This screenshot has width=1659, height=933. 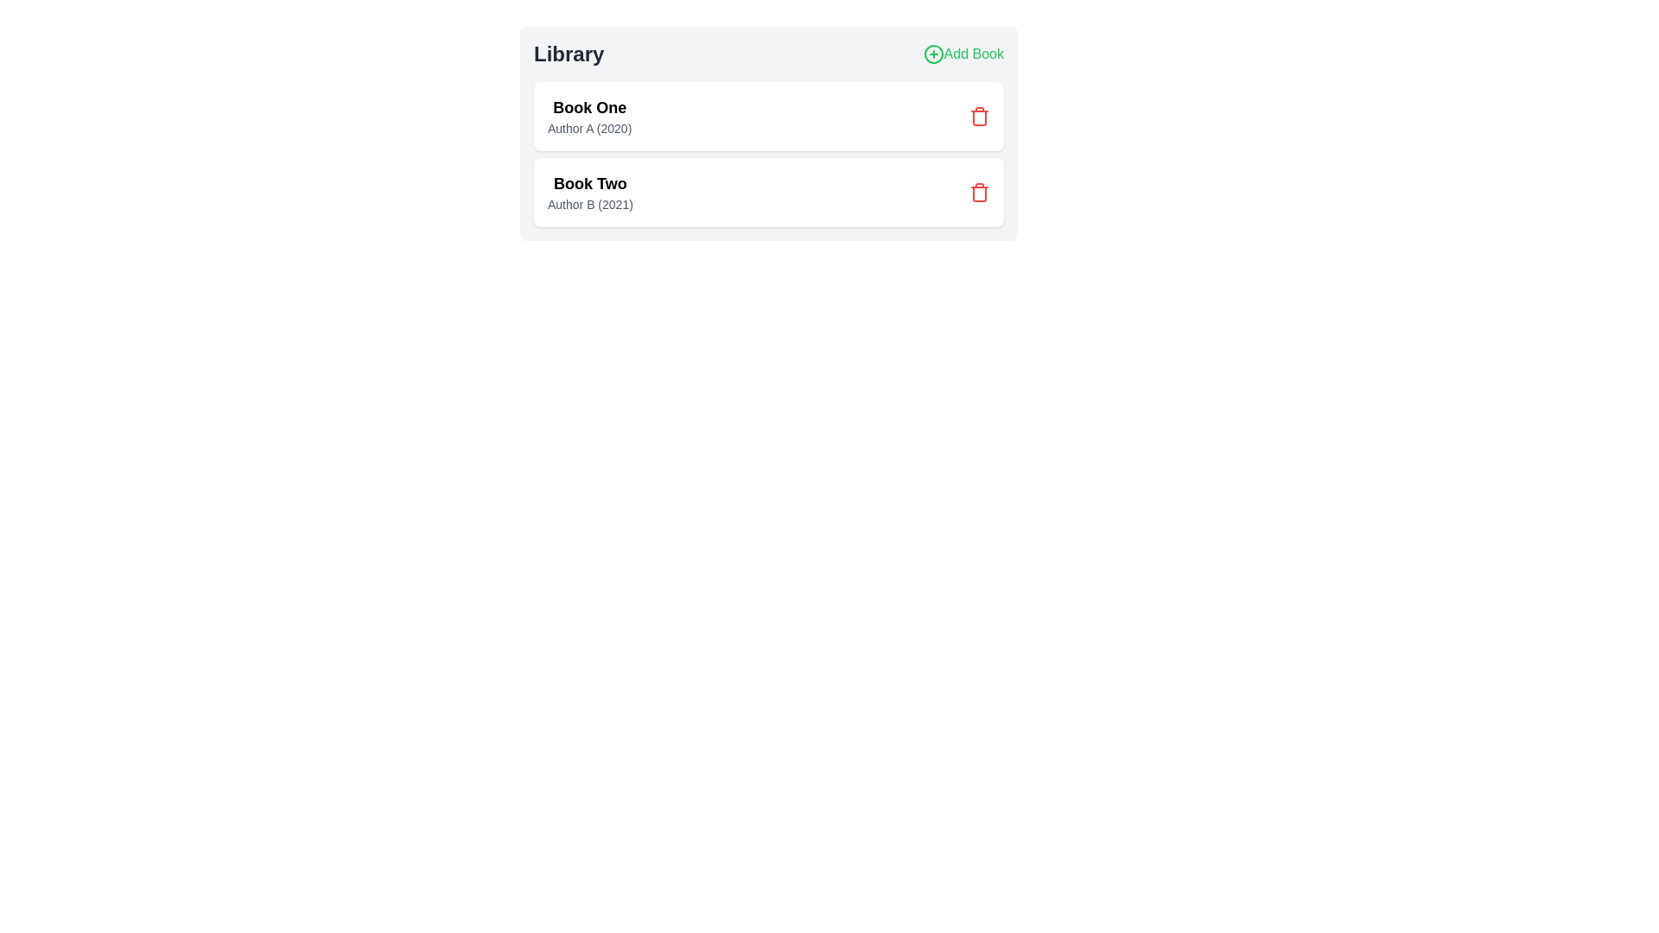 I want to click on the 'Add Book' button, which is a green button with an icon containing a '+' symbol, located in the top-right corner adjacent to the 'Library' title, so click(x=963, y=53).